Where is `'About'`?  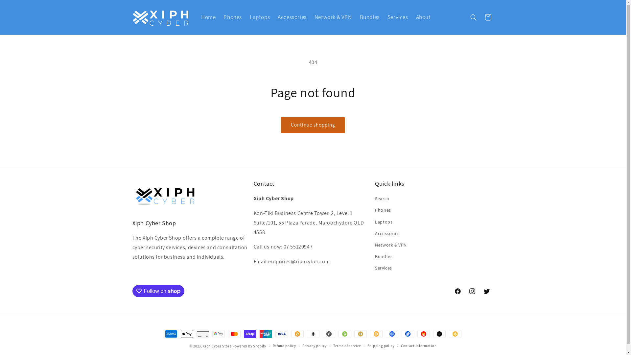 'About' is located at coordinates (411, 16).